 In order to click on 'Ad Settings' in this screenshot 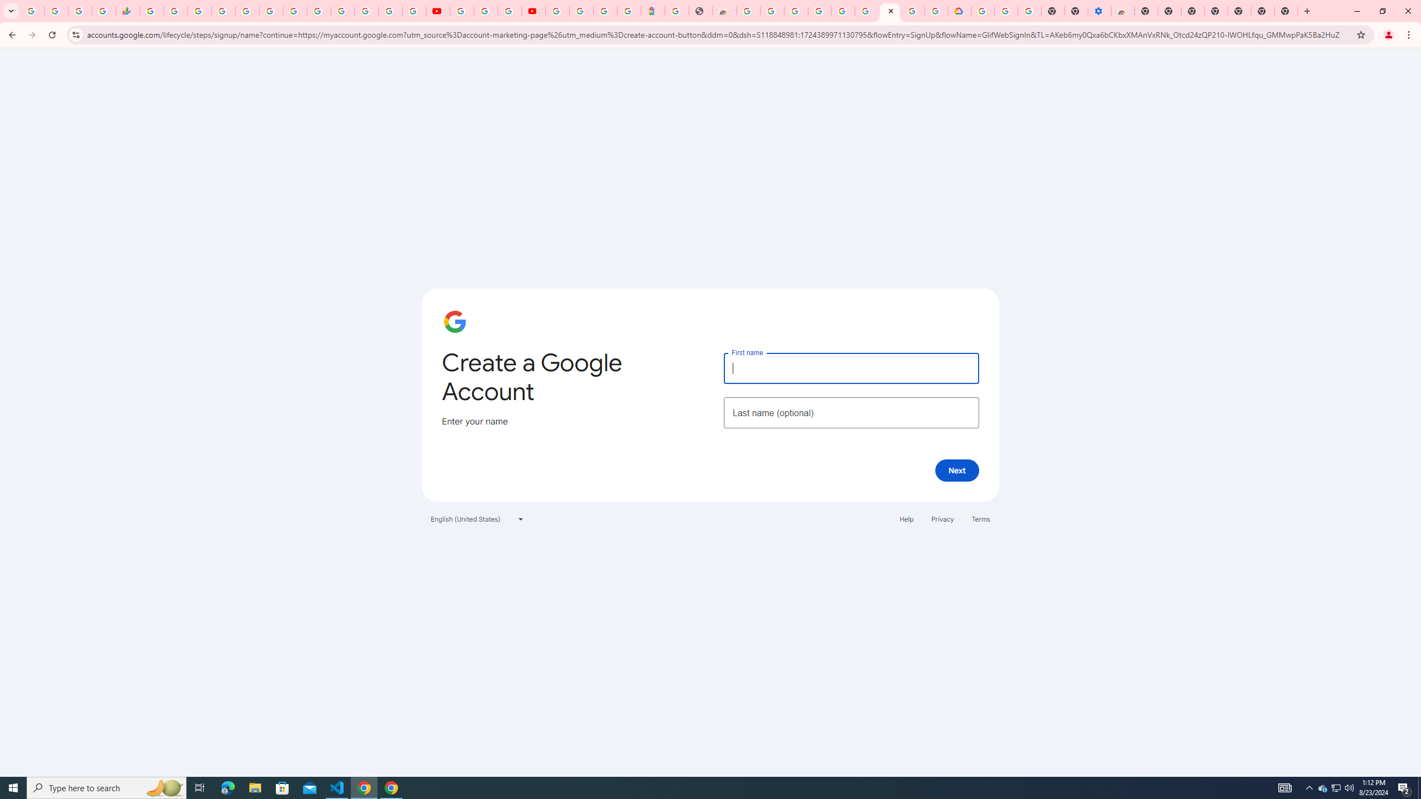, I will do `click(795, 11)`.